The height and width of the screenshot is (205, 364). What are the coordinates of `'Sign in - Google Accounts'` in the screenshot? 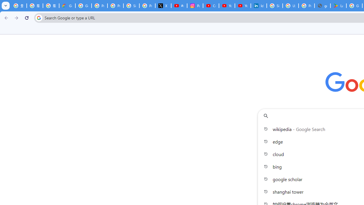 It's located at (275, 6).